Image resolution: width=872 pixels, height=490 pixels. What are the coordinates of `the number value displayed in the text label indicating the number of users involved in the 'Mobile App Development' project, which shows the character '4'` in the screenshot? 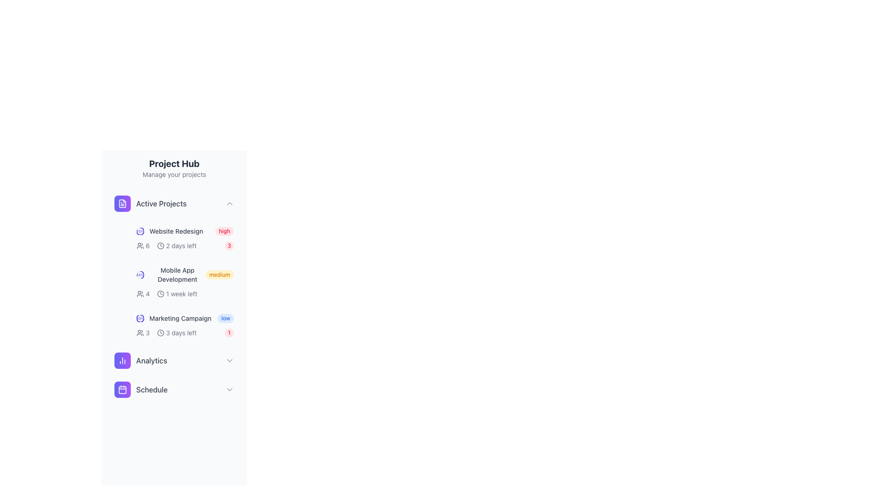 It's located at (148, 294).